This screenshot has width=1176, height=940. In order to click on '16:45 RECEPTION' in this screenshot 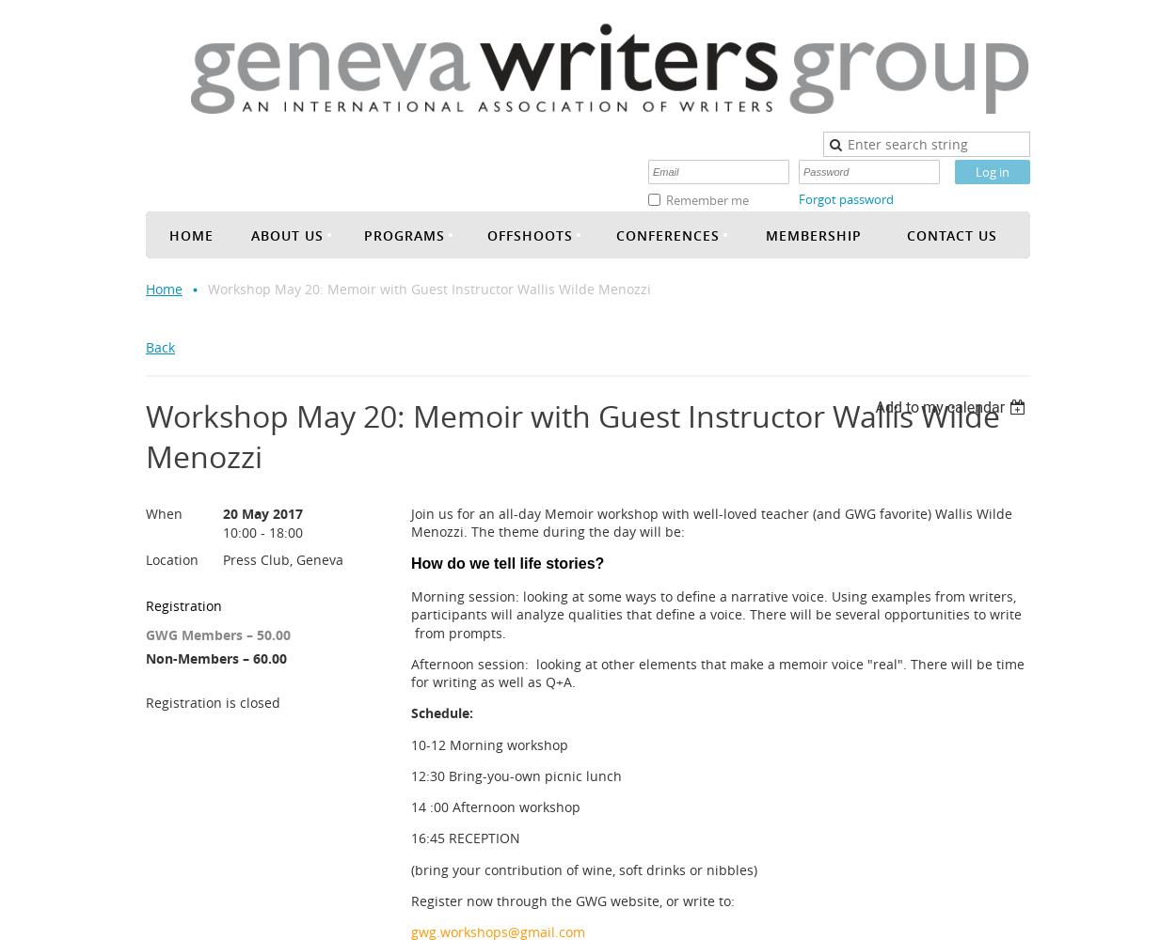, I will do `click(411, 838)`.